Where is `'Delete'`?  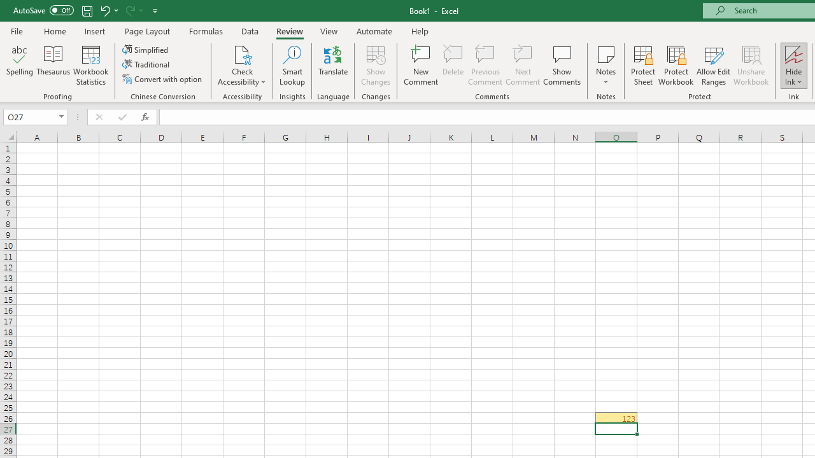 'Delete' is located at coordinates (453, 66).